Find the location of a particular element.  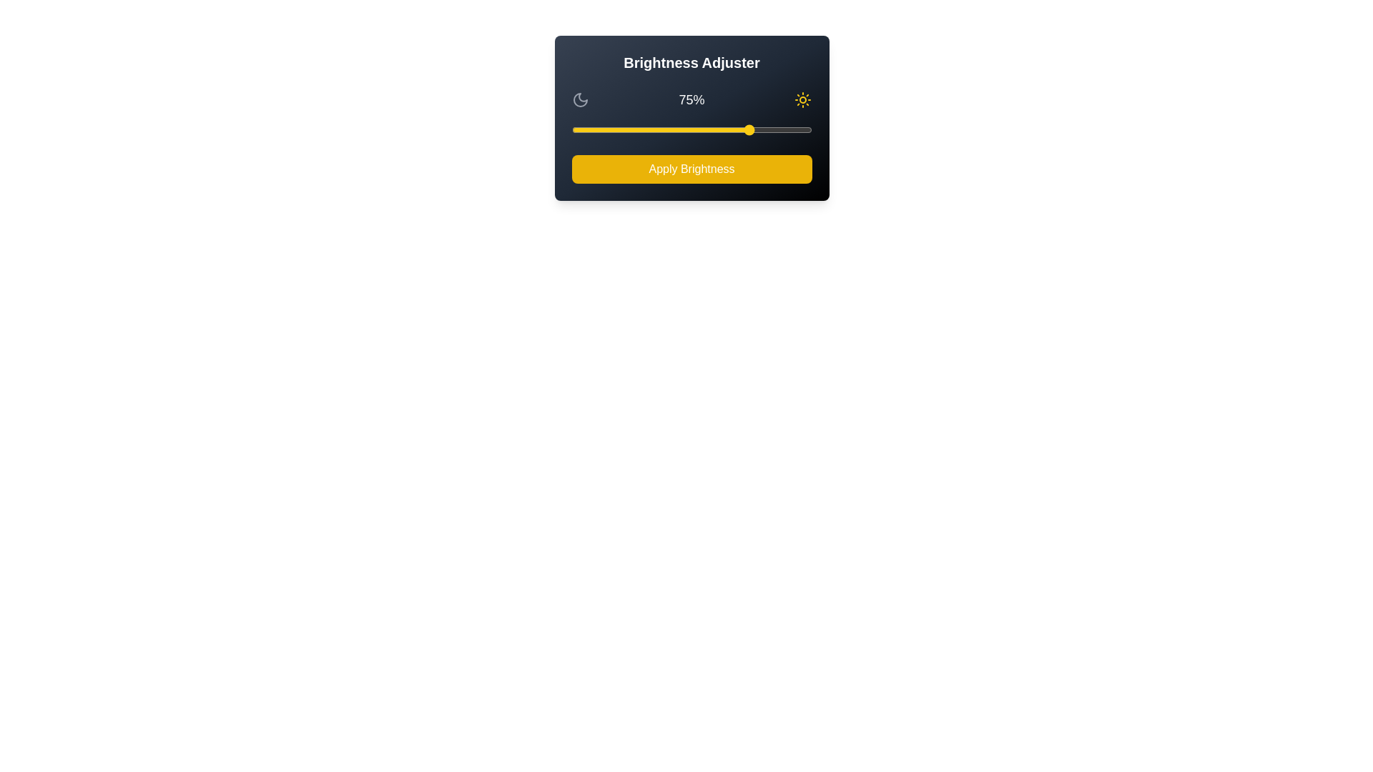

the 'Apply Brightness' button to confirm the brightness level is located at coordinates (692, 168).